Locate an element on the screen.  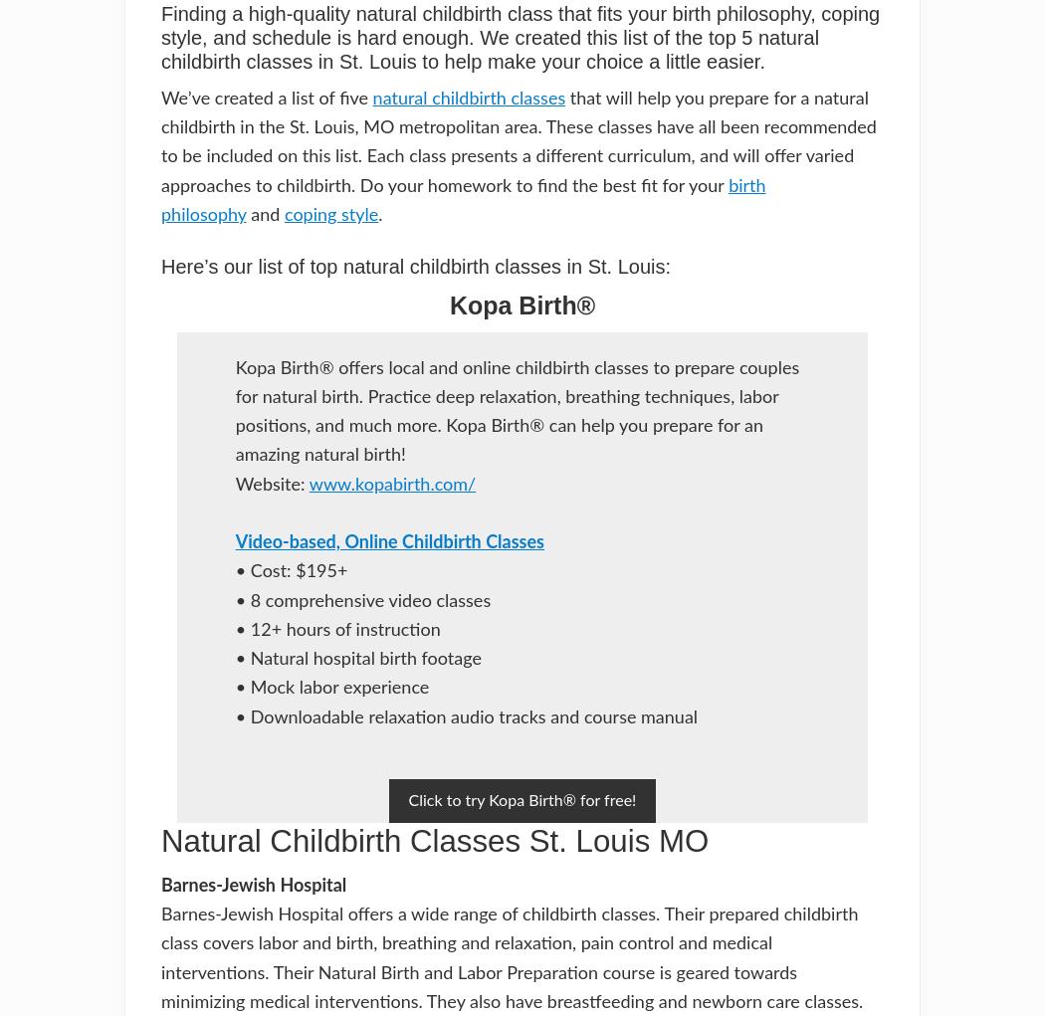
'• Downloadable relaxation audio tracks and course manual' is located at coordinates (235, 716).